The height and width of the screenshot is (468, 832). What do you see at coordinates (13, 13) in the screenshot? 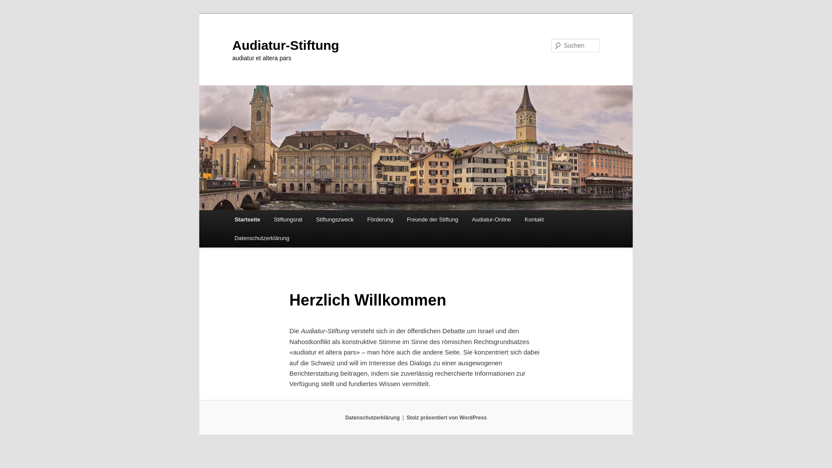
I see `'Zum Inhalt wechseln'` at bounding box center [13, 13].